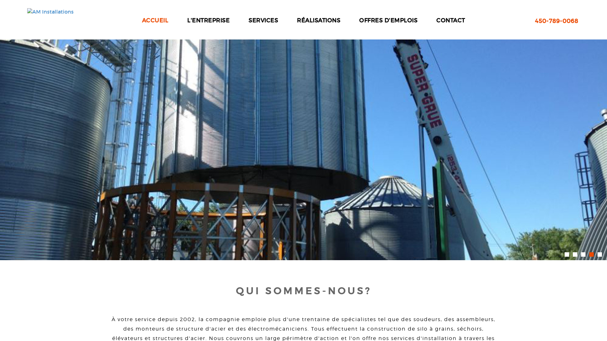 Image resolution: width=607 pixels, height=341 pixels. What do you see at coordinates (567, 254) in the screenshot?
I see `'1'` at bounding box center [567, 254].